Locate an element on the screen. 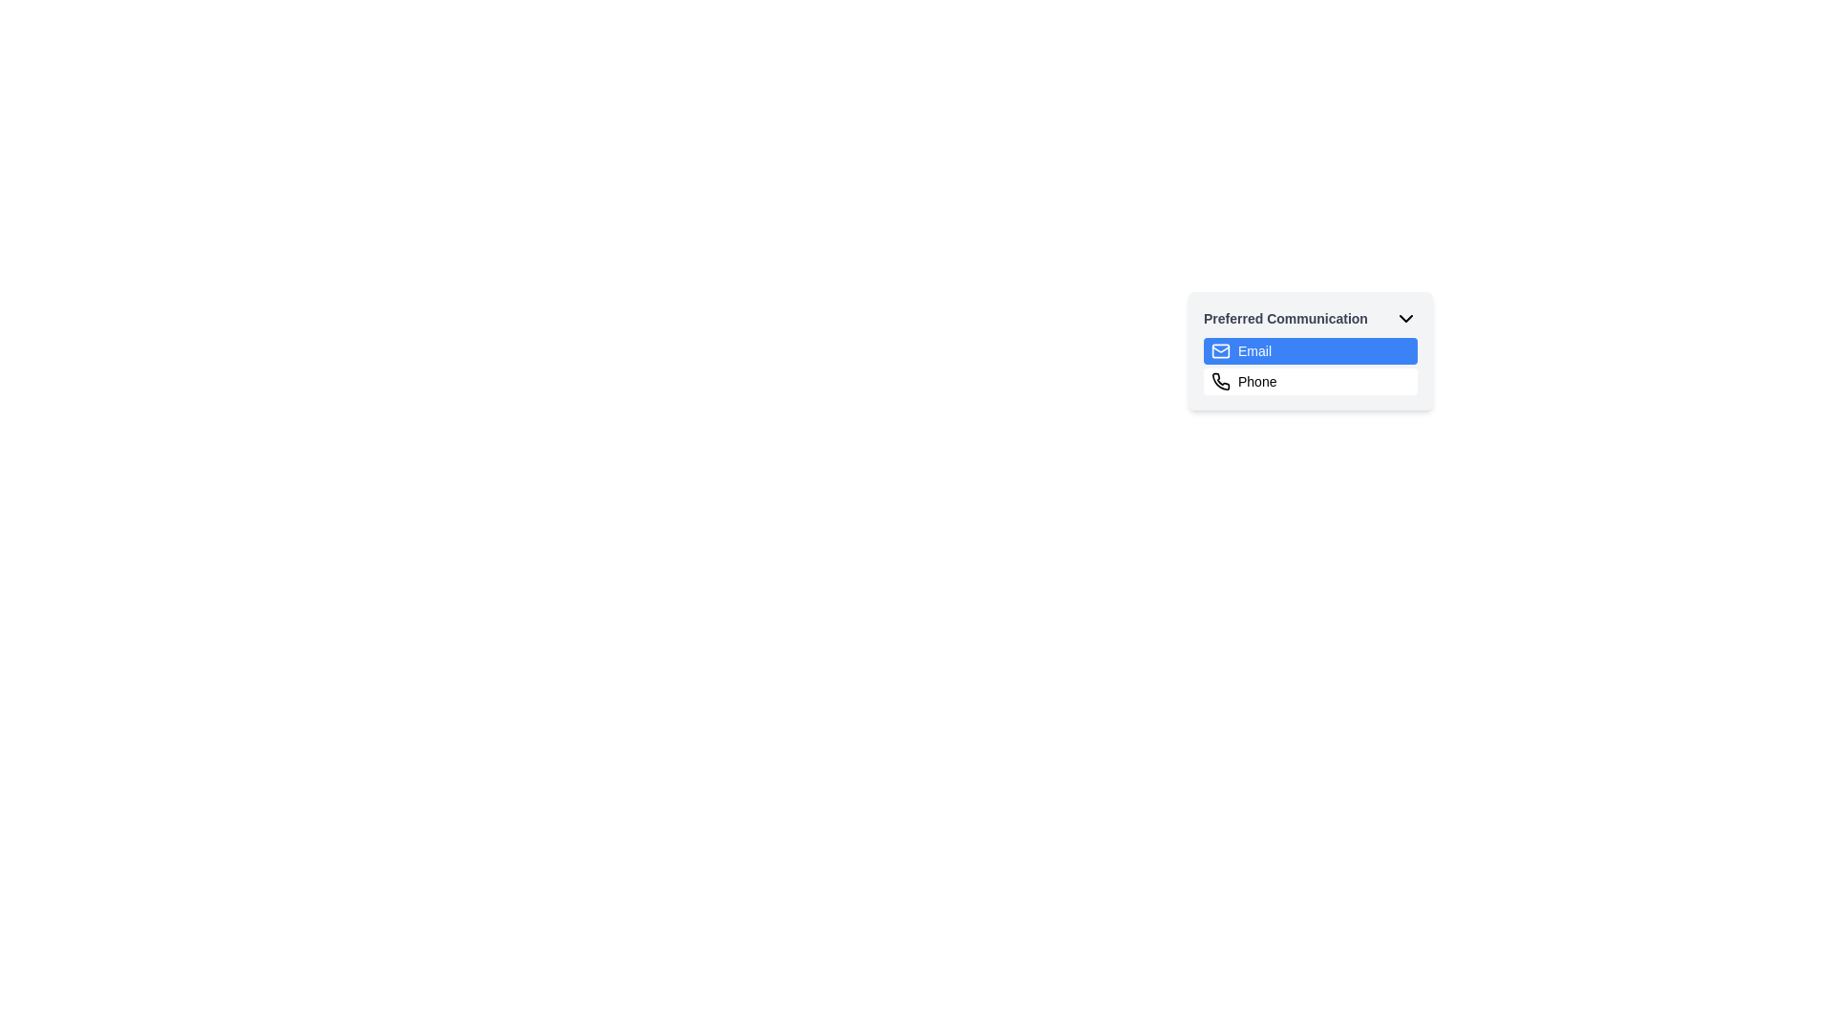 The width and height of the screenshot is (1833, 1031). the 'Preferred Communication' dropdown menu label with a chevron is located at coordinates (1309, 318).